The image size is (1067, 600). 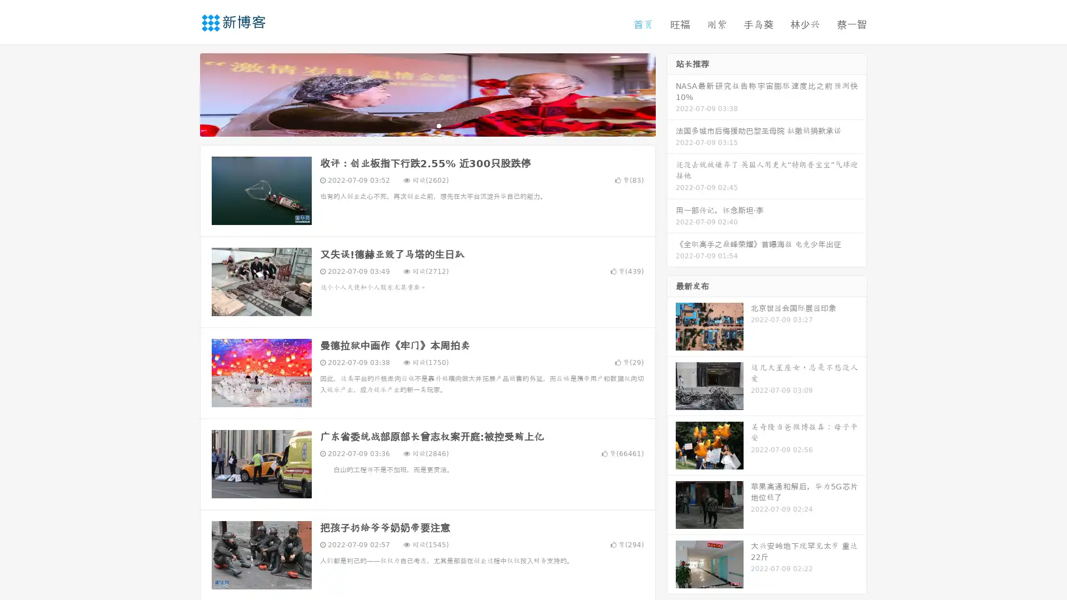 What do you see at coordinates (416, 125) in the screenshot?
I see `Go to slide 1` at bounding box center [416, 125].